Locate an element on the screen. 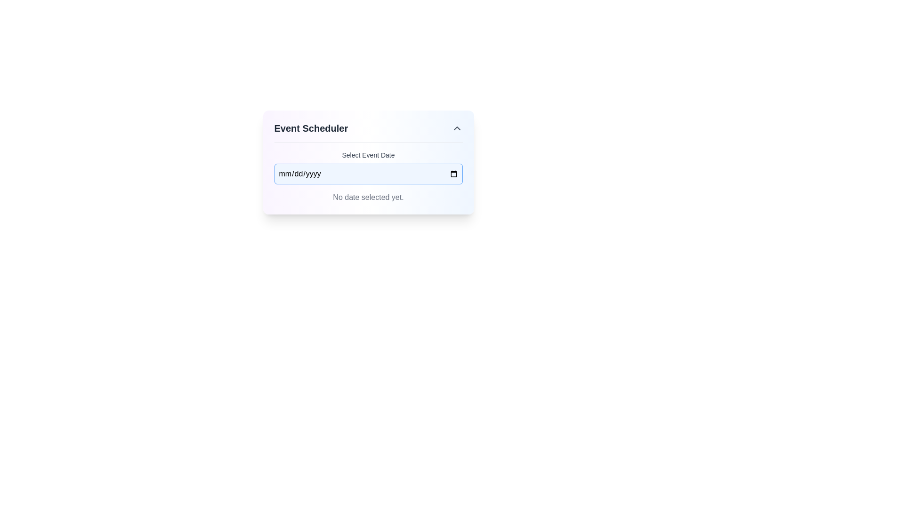  the upward-facing chevron button in the header of the 'Event Scheduler' panel is located at coordinates (457, 128).